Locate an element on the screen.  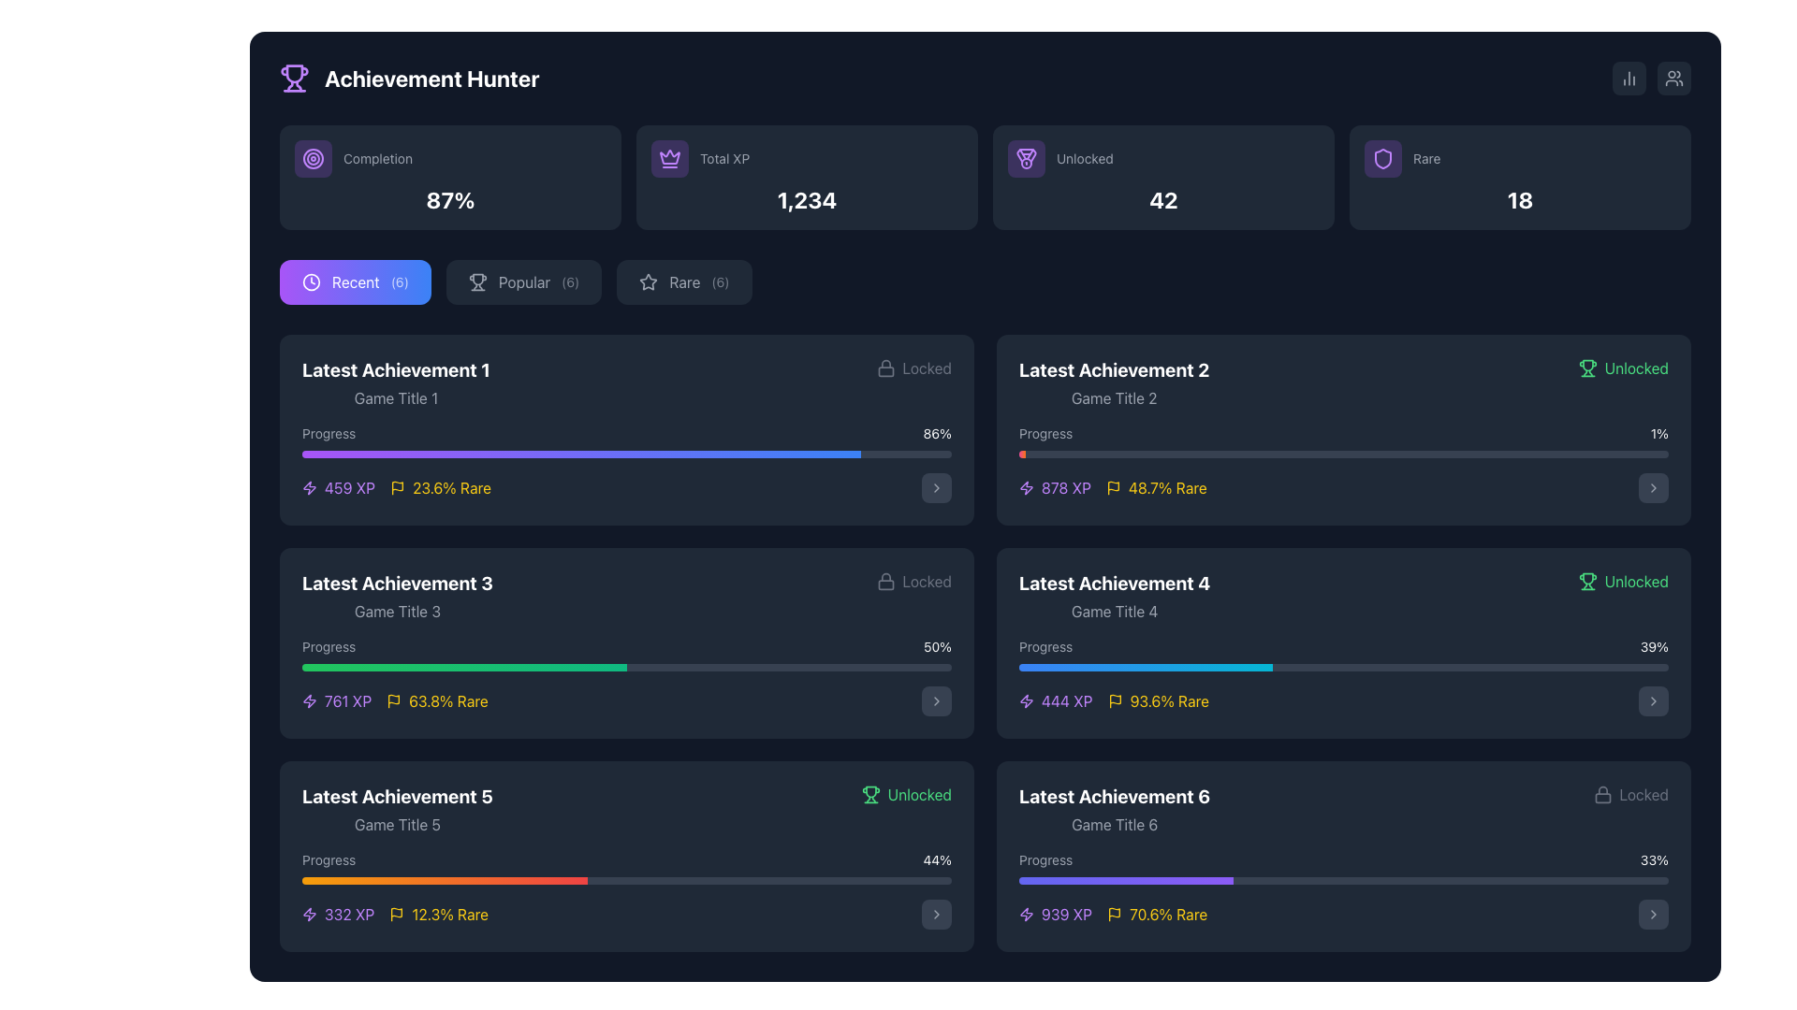
the informative text element displaying the rarity percentage of the achievement located in the bottom-right area of the interface, specifically within the 'Latest Achievement 6' subsection, positioned after the '939 XP' element is located at coordinates (1156, 914).